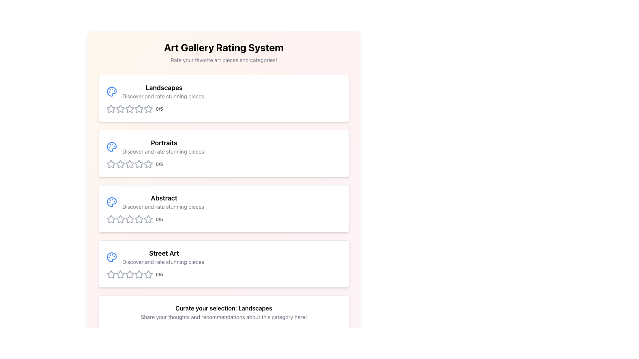 This screenshot has width=639, height=359. I want to click on text block displaying 'Landscapes' and 'Discover and rate stunning pieces!' which is the first descriptor in a list of categories, so click(164, 92).